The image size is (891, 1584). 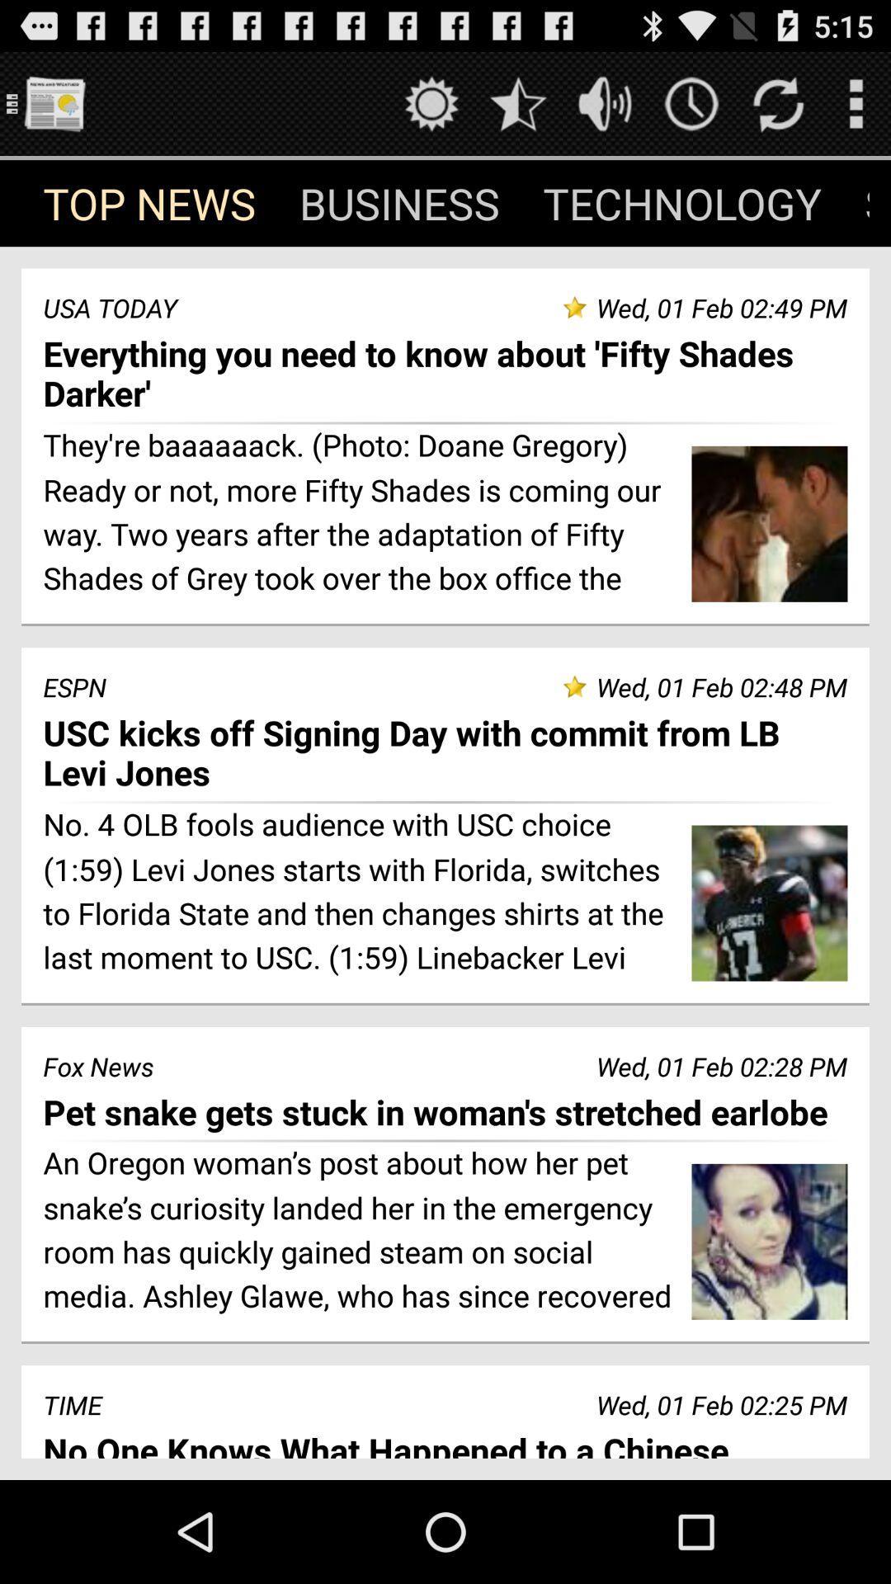 I want to click on the settings icon, so click(x=431, y=110).